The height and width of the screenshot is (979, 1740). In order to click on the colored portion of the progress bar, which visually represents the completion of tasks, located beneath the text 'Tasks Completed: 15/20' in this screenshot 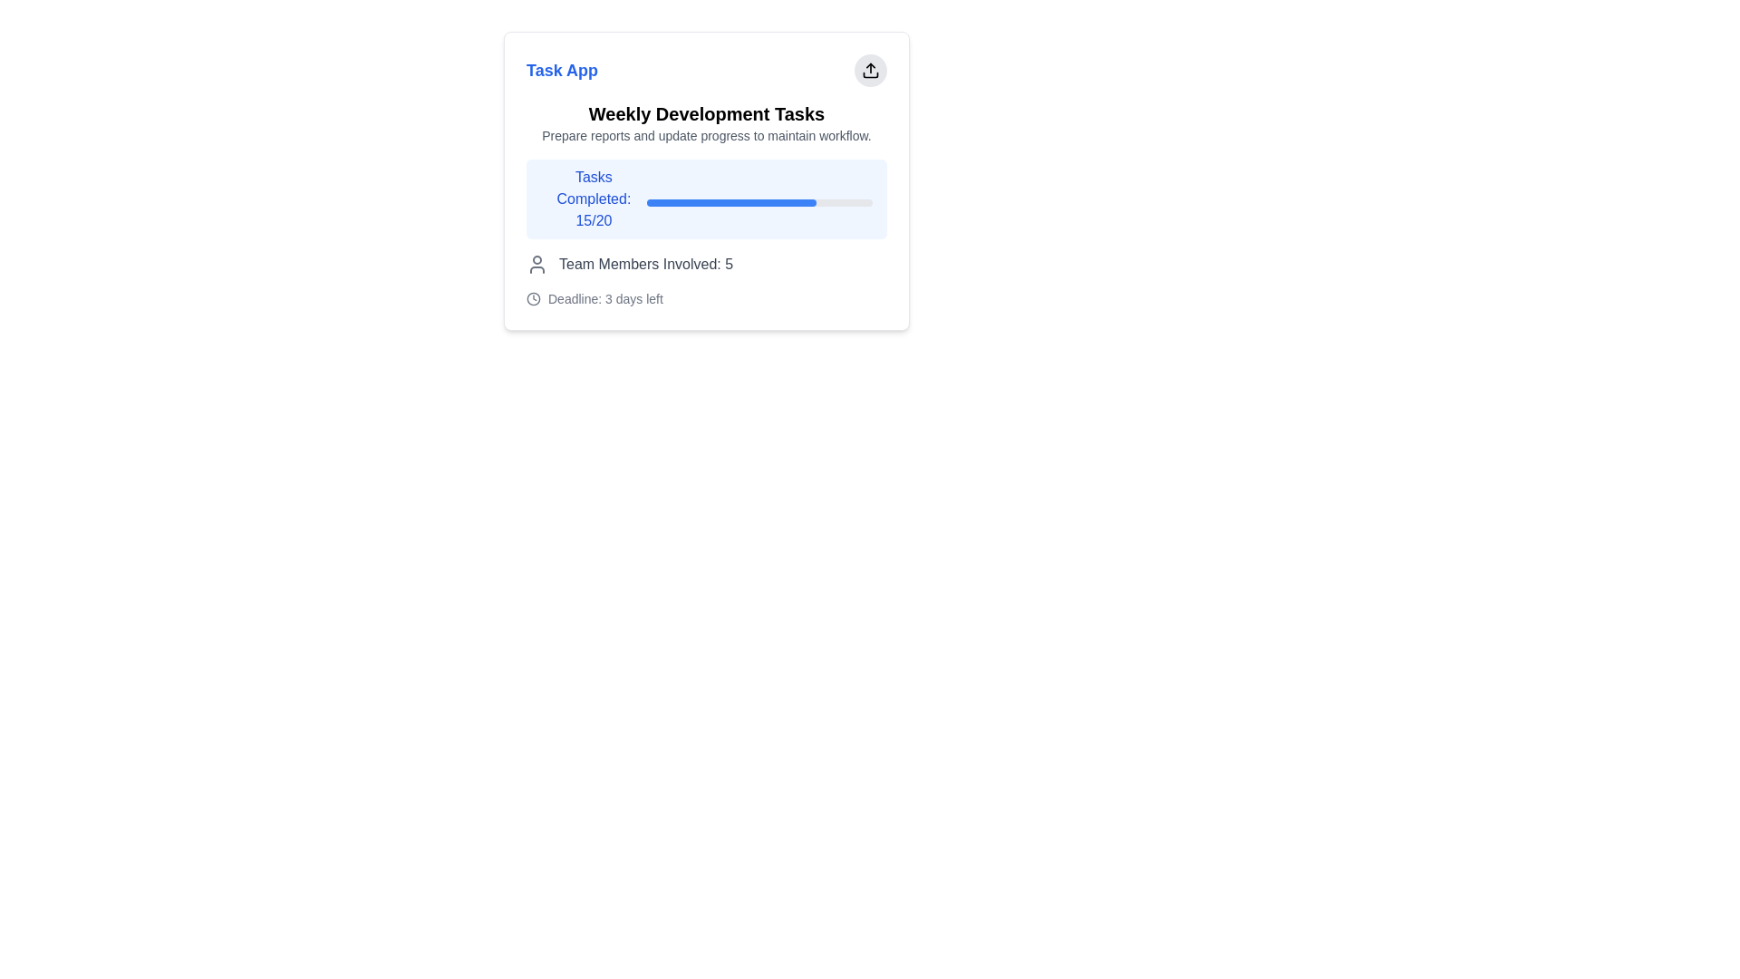, I will do `click(731, 202)`.